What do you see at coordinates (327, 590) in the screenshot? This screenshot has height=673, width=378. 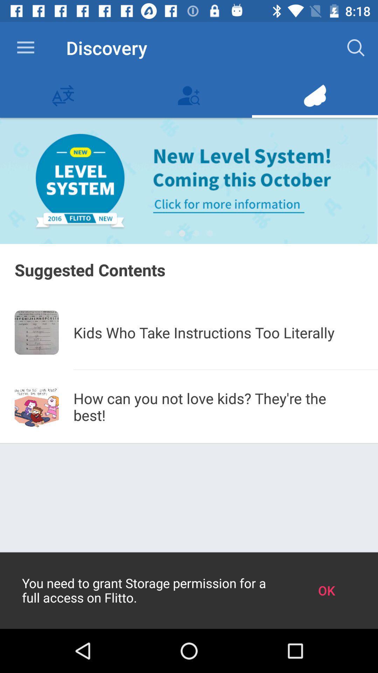 I see `the item at the bottom right corner` at bounding box center [327, 590].